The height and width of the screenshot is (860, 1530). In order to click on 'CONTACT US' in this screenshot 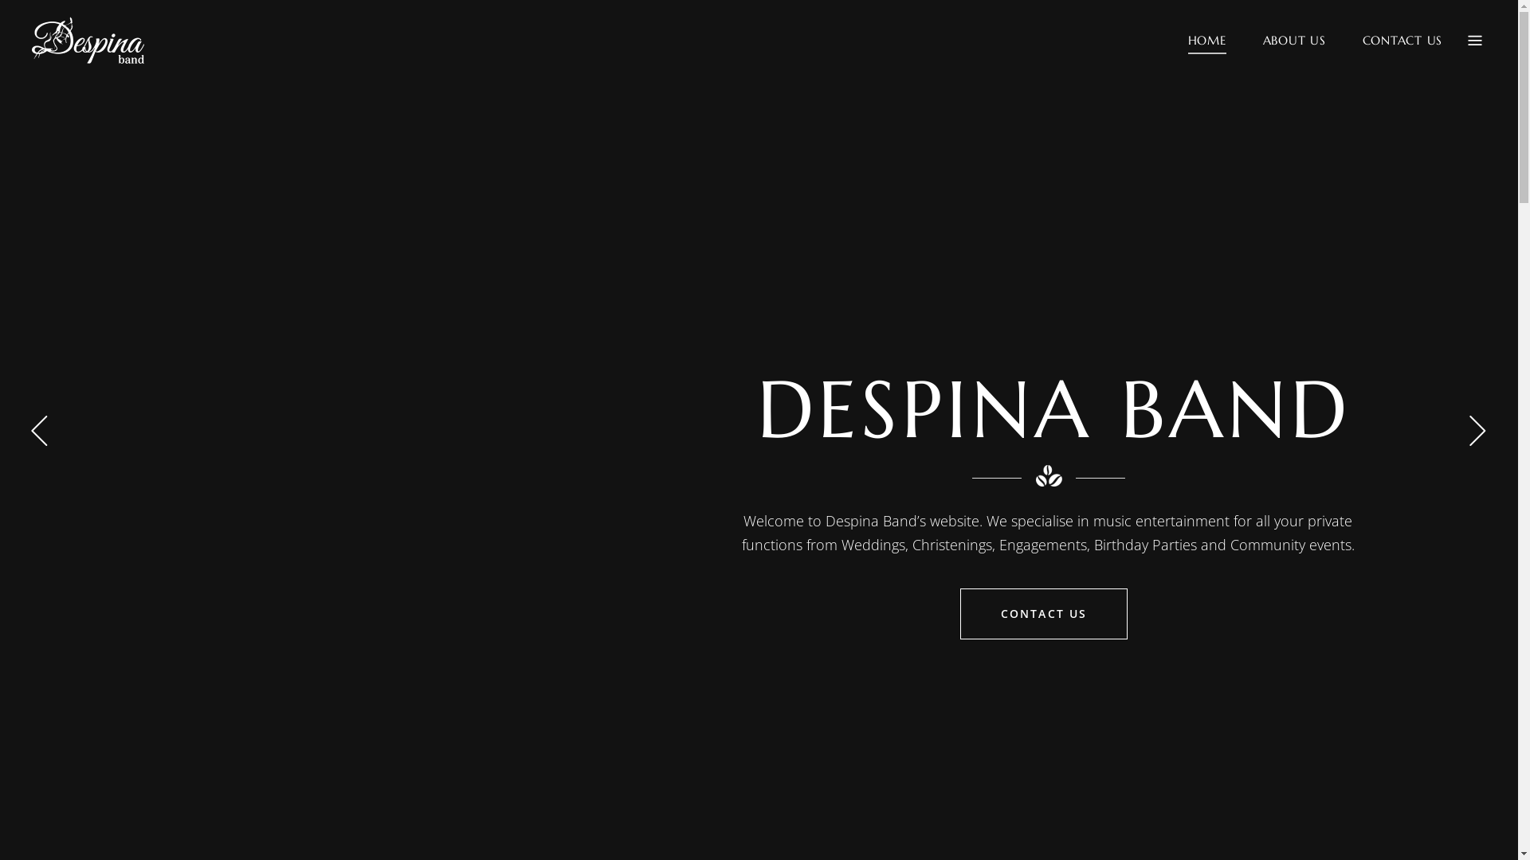, I will do `click(1342, 39)`.